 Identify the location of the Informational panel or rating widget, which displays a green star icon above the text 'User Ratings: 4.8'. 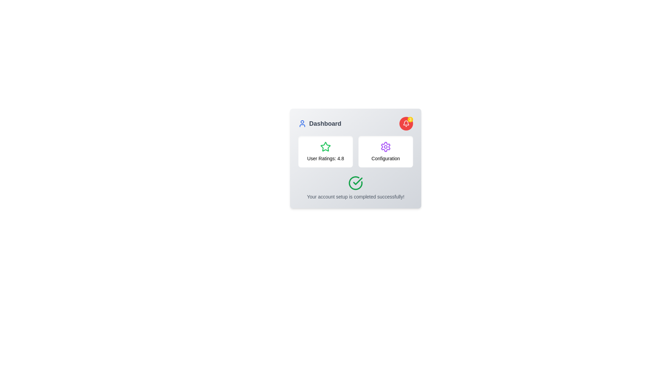
(325, 151).